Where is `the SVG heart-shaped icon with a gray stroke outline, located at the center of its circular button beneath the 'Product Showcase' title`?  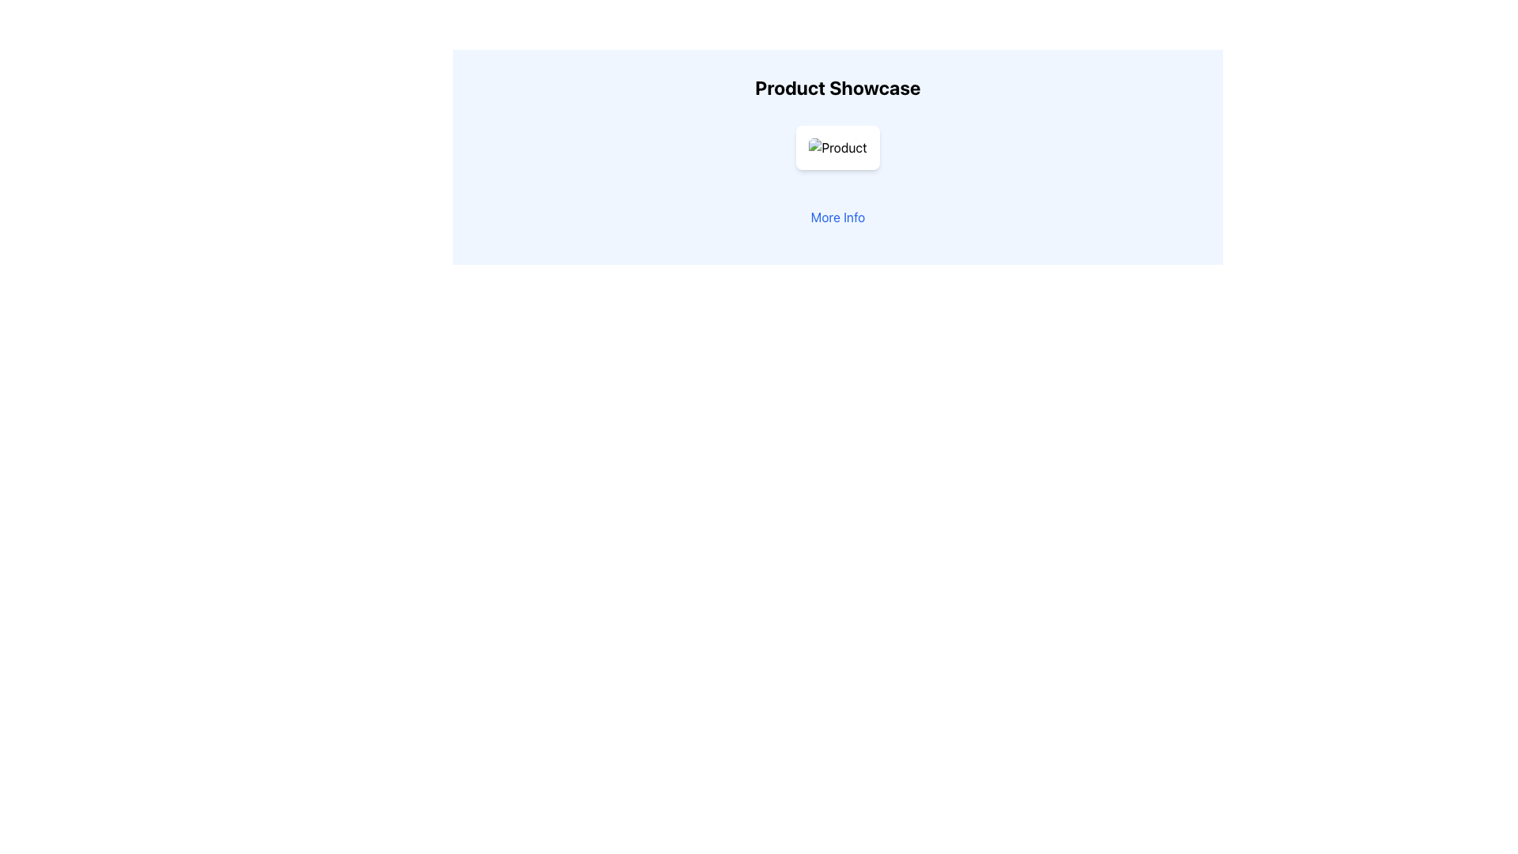
the SVG heart-shaped icon with a gray stroke outline, located at the center of its circular button beneath the 'Product Showcase' title is located at coordinates (822, 143).